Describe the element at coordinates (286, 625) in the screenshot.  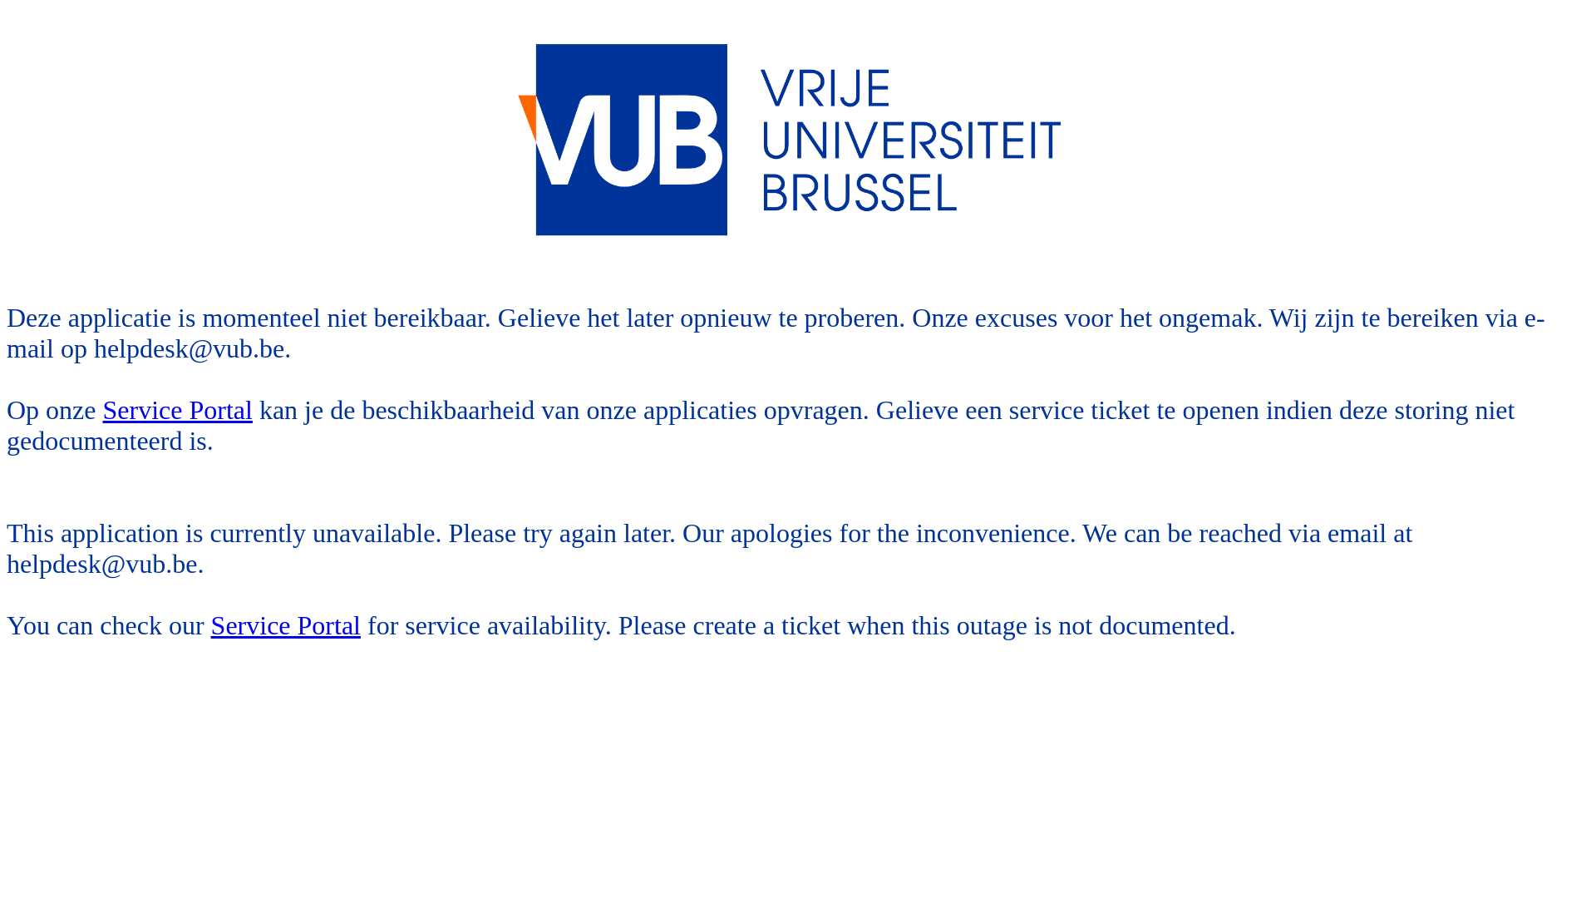
I see `'Service Portal'` at that location.